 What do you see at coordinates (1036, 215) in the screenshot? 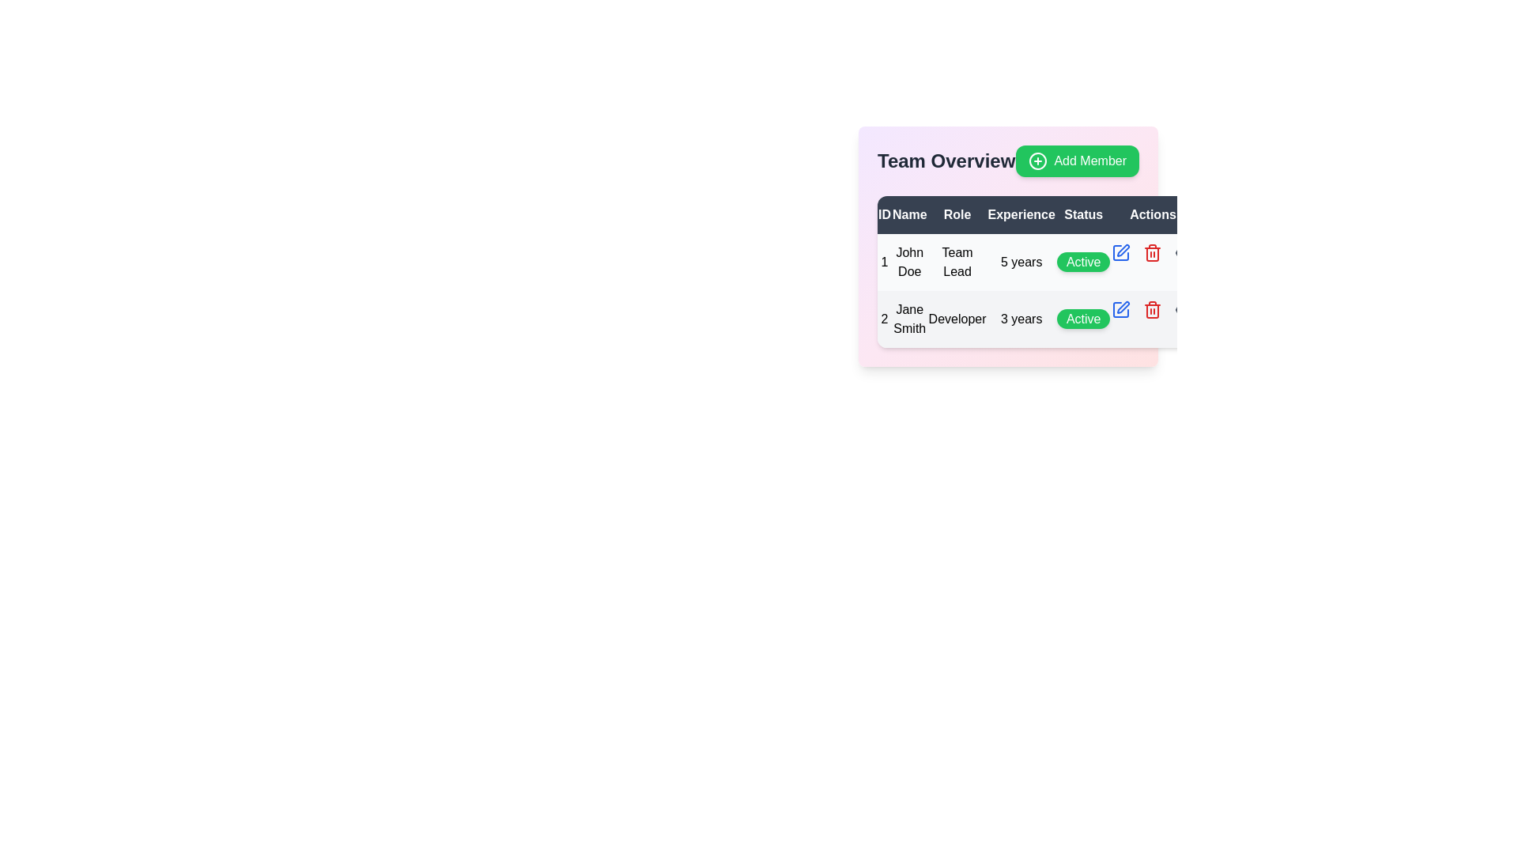
I see `the Table Header element located below the 'Team Overview' section title, which labels the columns of the table` at bounding box center [1036, 215].